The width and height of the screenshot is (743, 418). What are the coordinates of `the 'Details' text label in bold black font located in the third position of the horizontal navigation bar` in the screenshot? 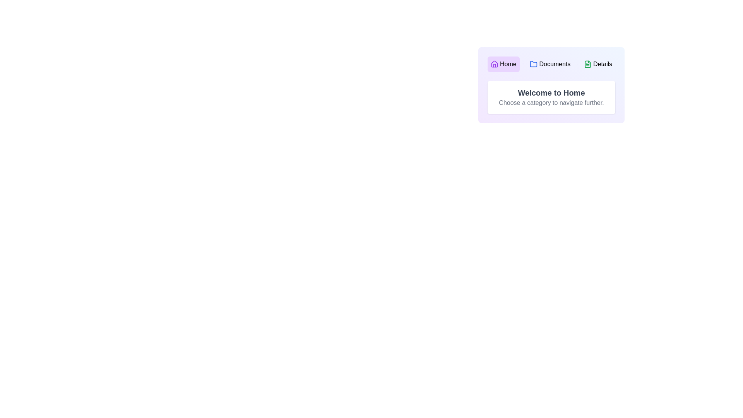 It's located at (602, 63).